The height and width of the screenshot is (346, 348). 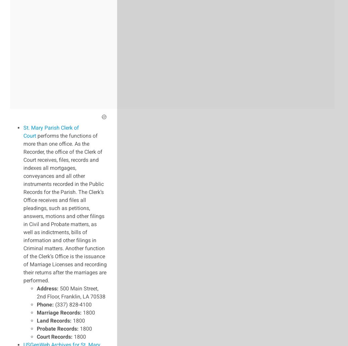 I want to click on '500 Main Street, 2nd Floor, Franklin, LA 70538', so click(x=71, y=292).